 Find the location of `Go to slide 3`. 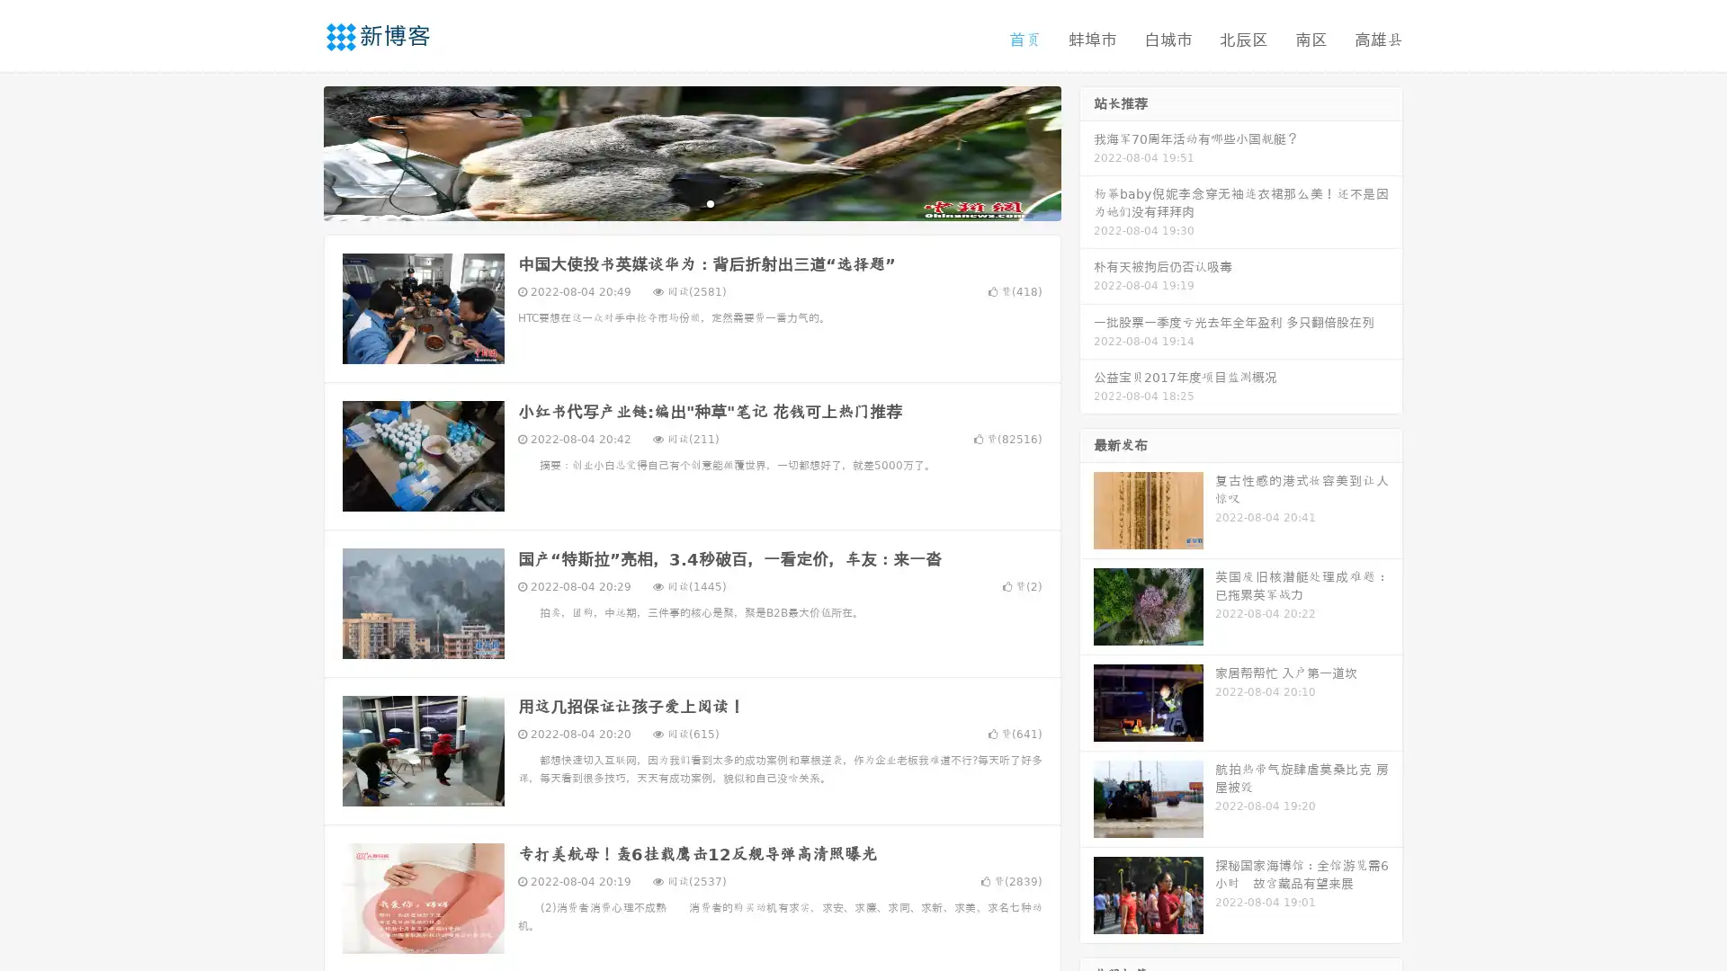

Go to slide 3 is located at coordinates (710, 202).